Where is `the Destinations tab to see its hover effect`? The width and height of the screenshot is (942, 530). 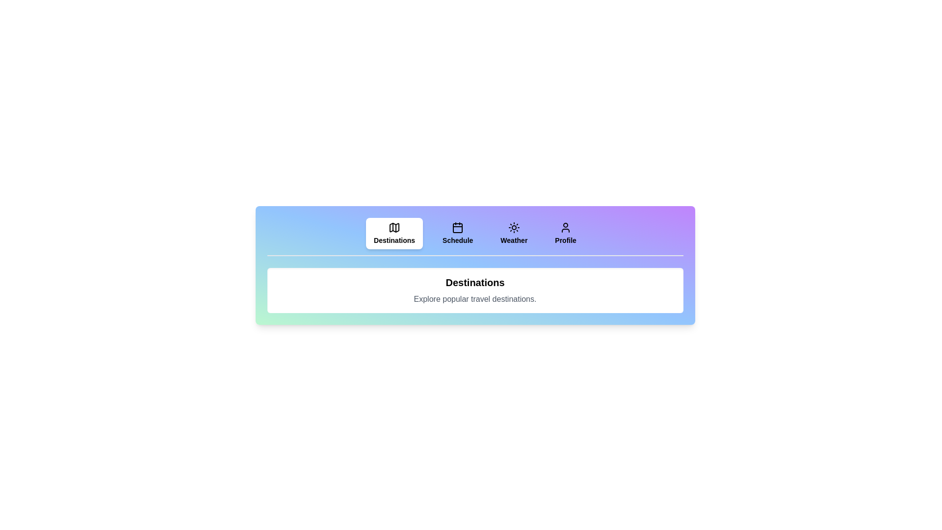 the Destinations tab to see its hover effect is located at coordinates (394, 233).